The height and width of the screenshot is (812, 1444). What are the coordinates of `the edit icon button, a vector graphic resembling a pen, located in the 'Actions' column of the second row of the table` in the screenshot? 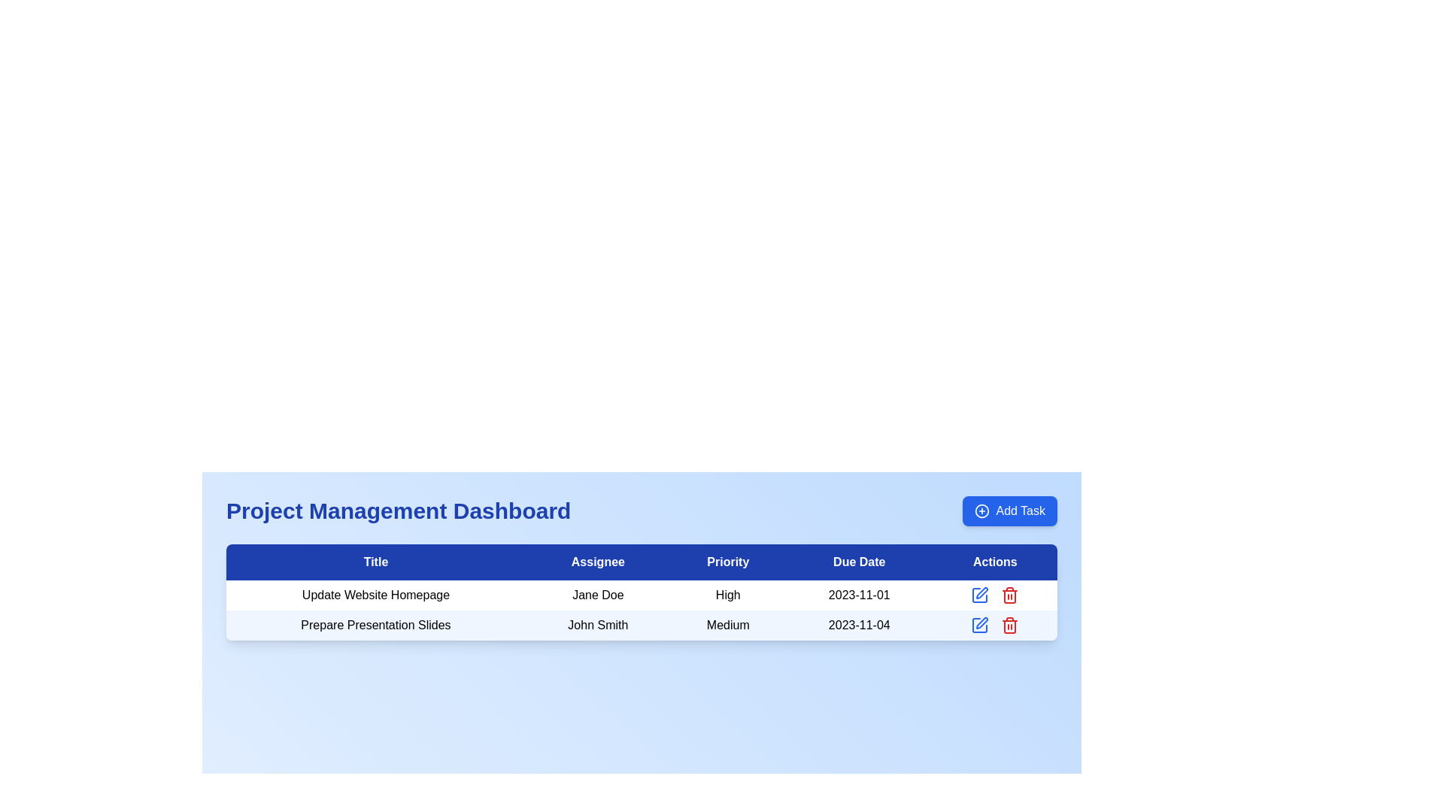 It's located at (981, 623).